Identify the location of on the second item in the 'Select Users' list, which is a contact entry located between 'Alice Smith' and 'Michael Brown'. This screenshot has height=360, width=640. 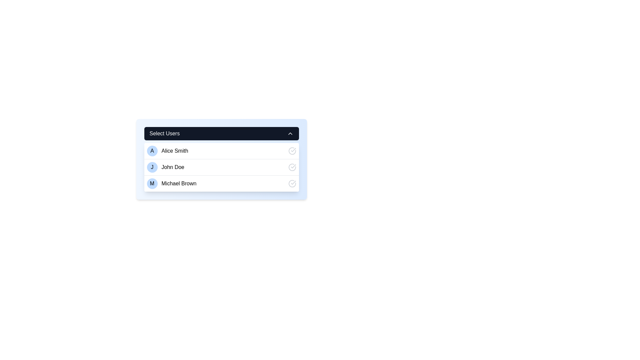
(221, 167).